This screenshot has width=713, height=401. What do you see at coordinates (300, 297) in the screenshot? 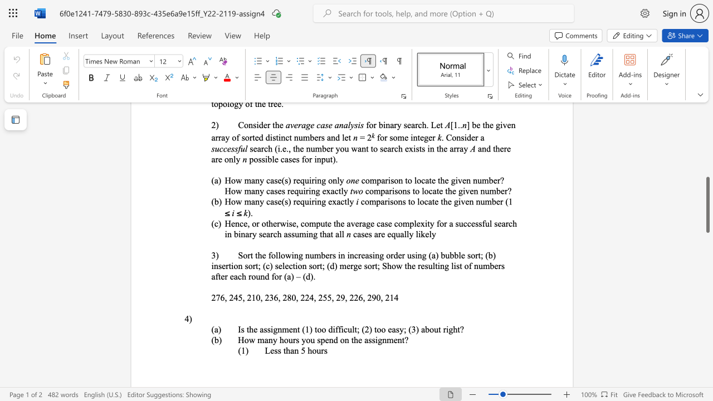
I see `the subset text "224" within the text "276, 245, 210, 236, 280, 224, 255, 29, 226, 290, 214"` at bounding box center [300, 297].